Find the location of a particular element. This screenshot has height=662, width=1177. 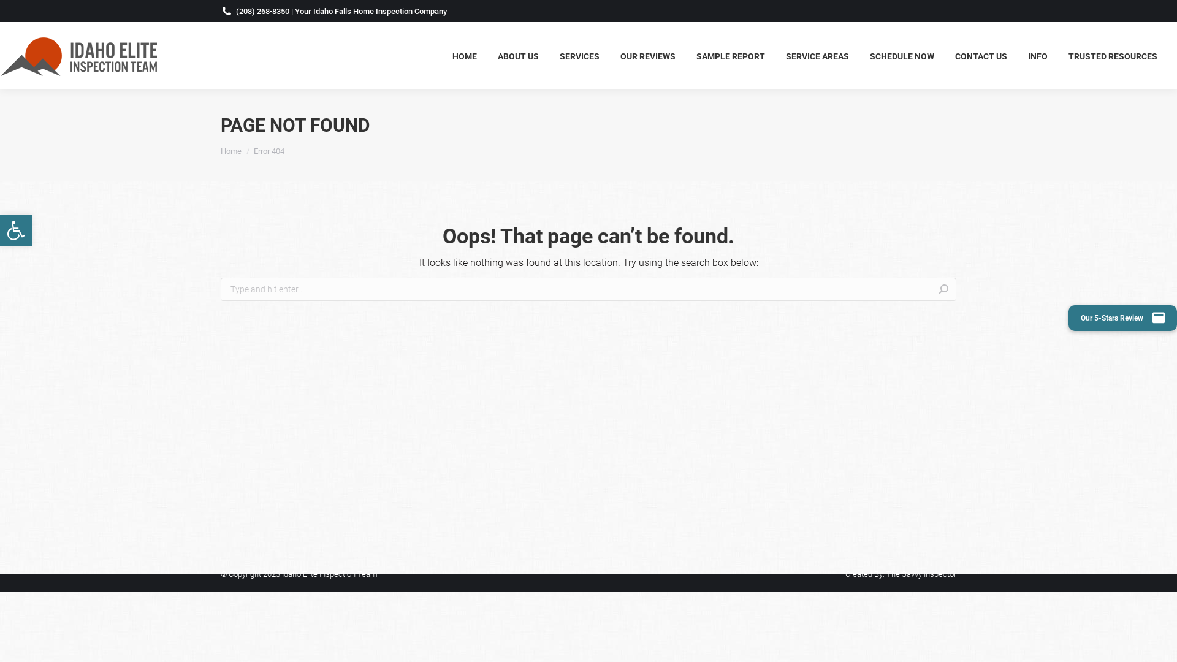

'Go!' is located at coordinates (974, 291).